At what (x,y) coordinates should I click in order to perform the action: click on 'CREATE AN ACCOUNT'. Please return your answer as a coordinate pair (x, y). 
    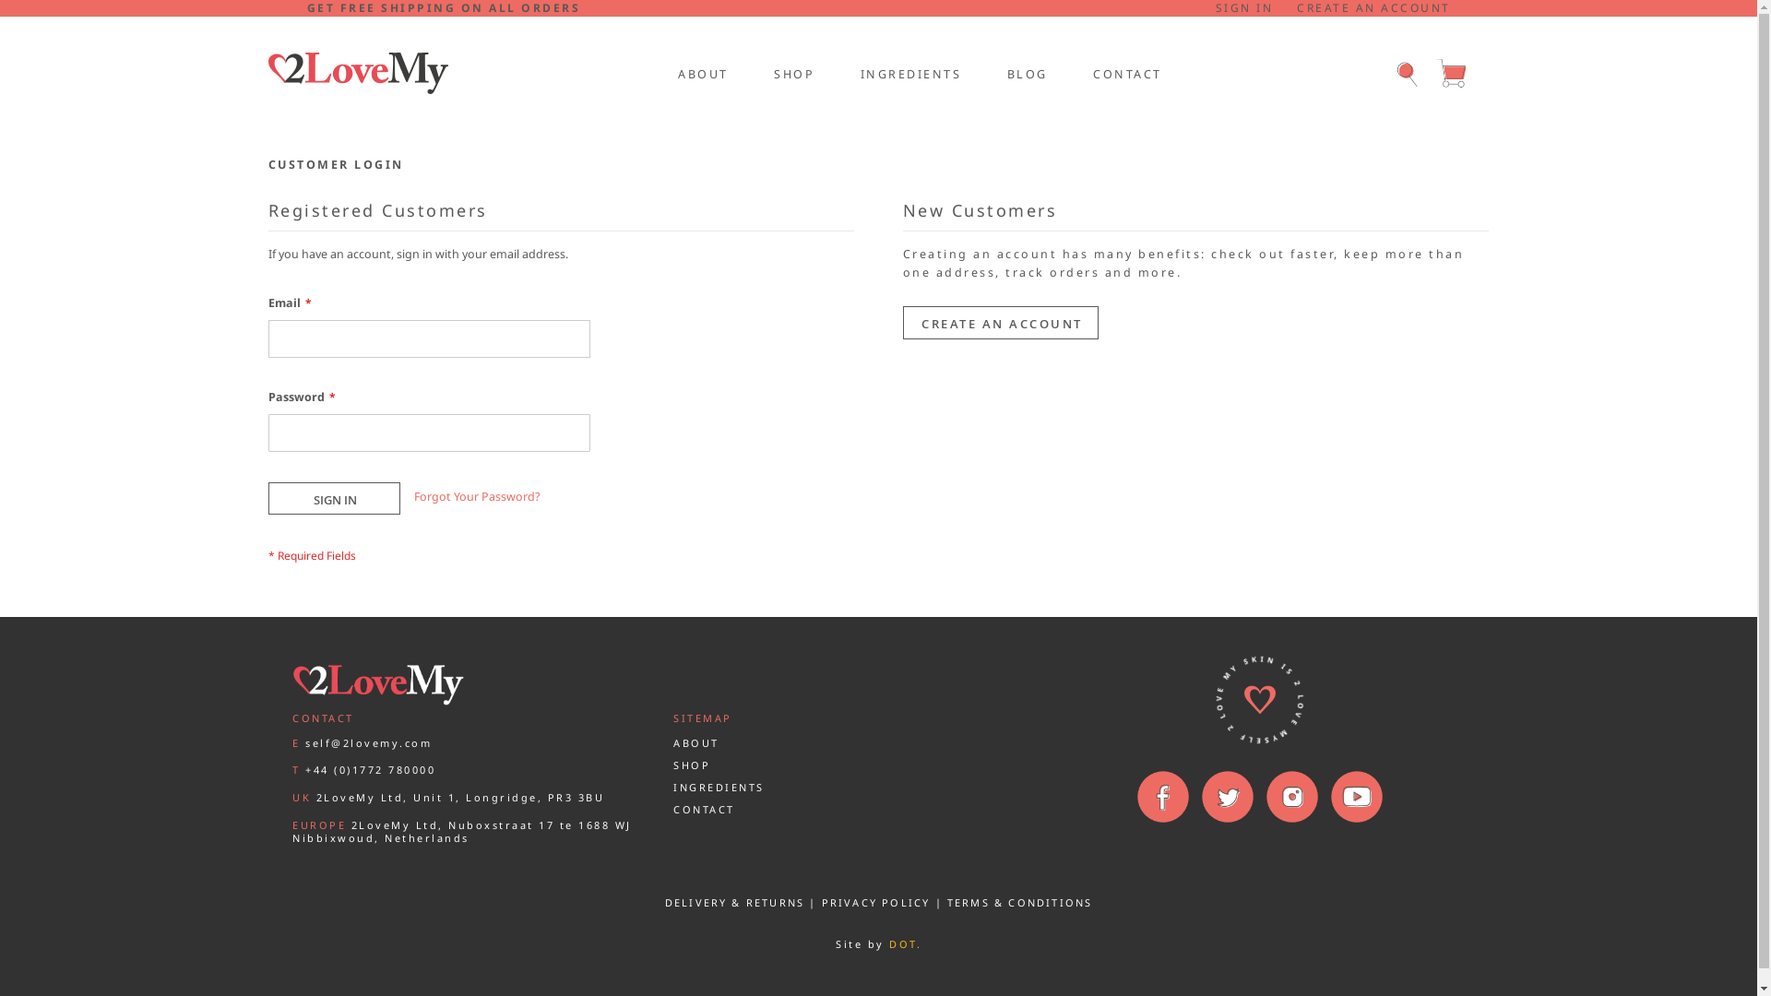
    Looking at the image, I should click on (1373, 7).